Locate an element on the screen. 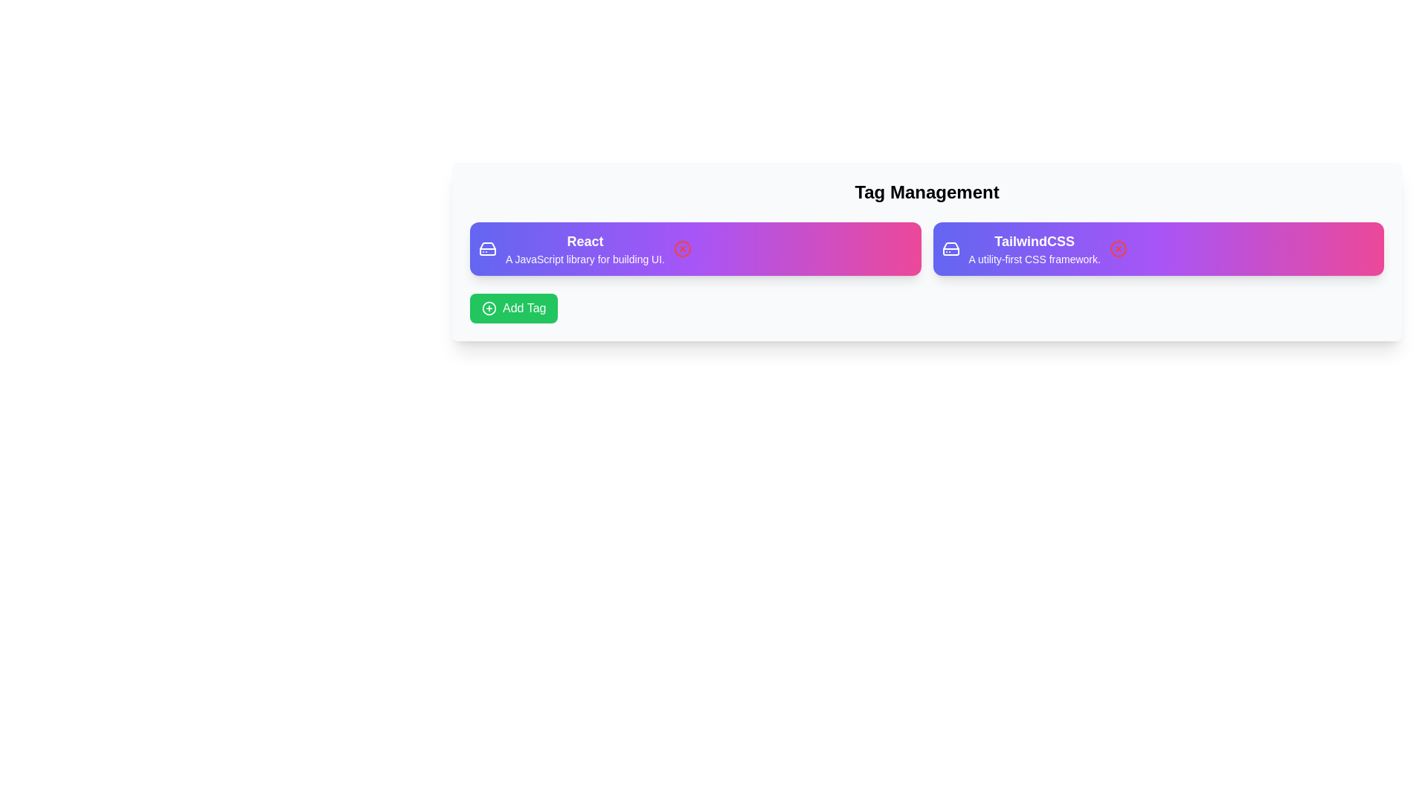 Image resolution: width=1428 pixels, height=803 pixels. the 'Add Tag' icon, which is a visual indicator located to the left of the 'Add Tag' label on a green button in the Tag Management section is located at coordinates (489, 308).